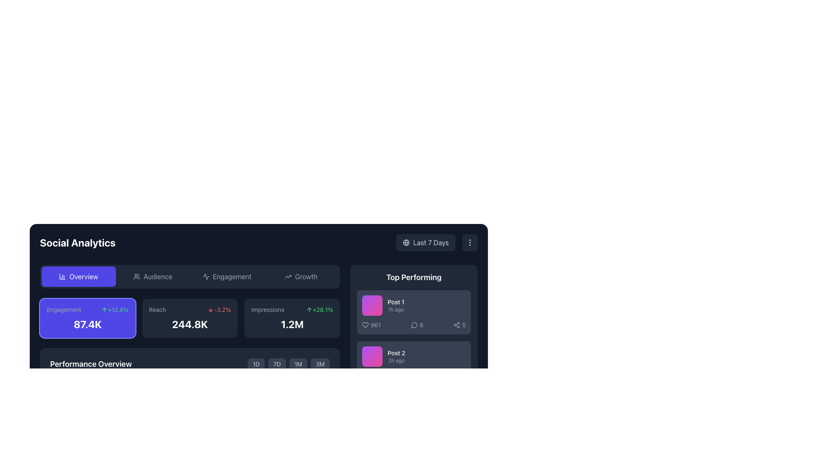 This screenshot has height=459, width=816. I want to click on the static text label displaying 'Post 2' which is styled with white text on a dark background, located in the second row of the 'Top Performing' section, so click(396, 353).